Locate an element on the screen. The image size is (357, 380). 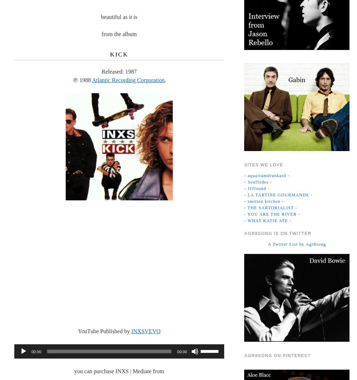
'Agr8song on Pinterest' is located at coordinates (277, 355).